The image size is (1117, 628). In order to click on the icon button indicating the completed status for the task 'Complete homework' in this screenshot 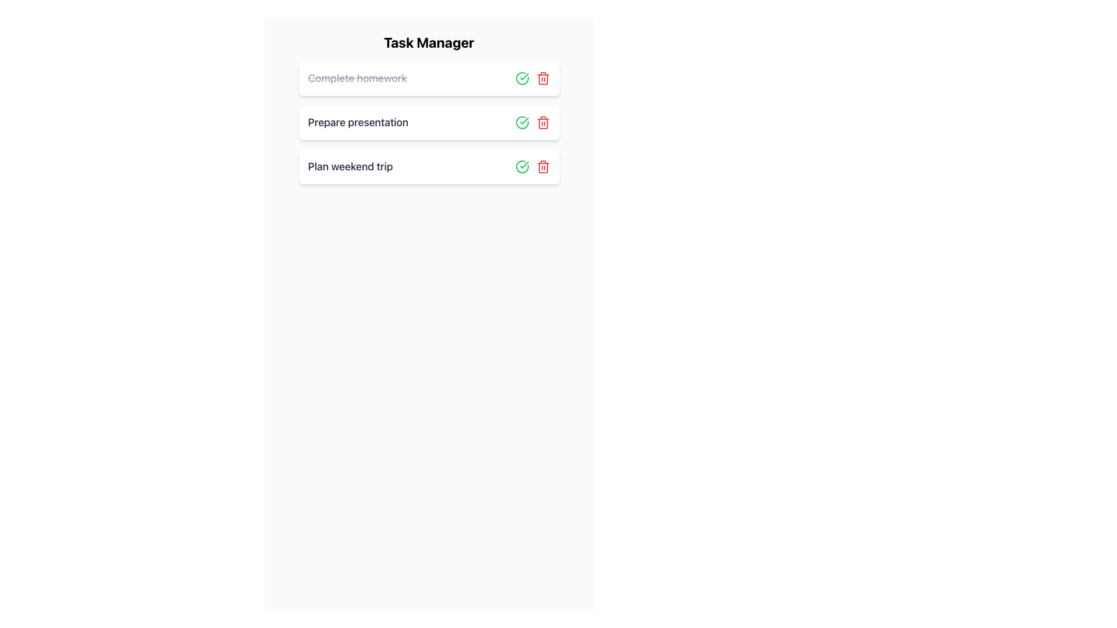, I will do `click(521, 78)`.